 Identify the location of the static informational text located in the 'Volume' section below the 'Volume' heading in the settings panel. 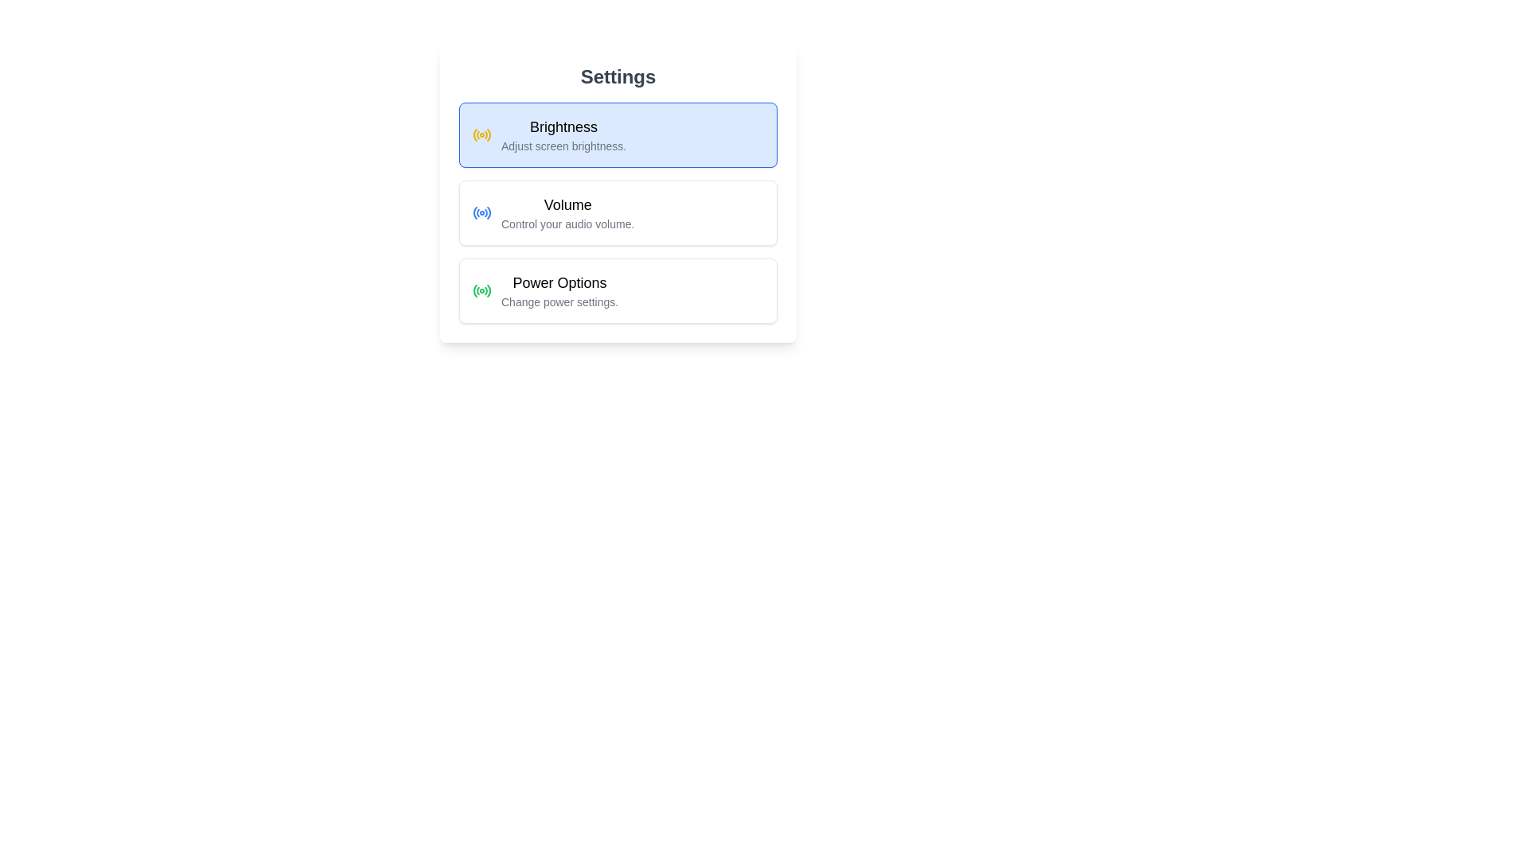
(567, 223).